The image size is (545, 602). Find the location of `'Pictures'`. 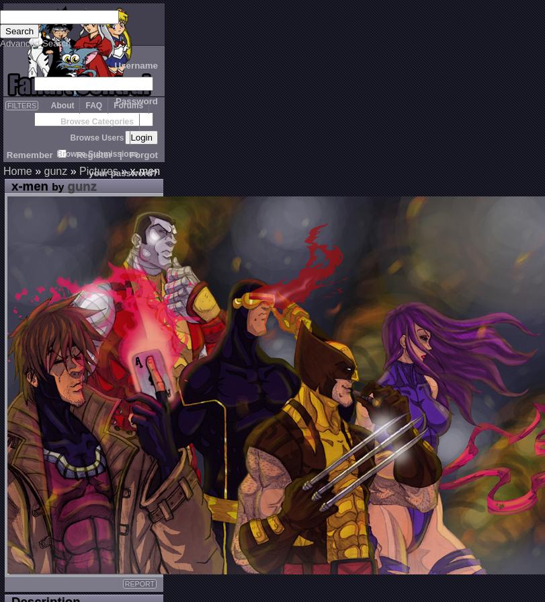

'Pictures' is located at coordinates (97, 171).